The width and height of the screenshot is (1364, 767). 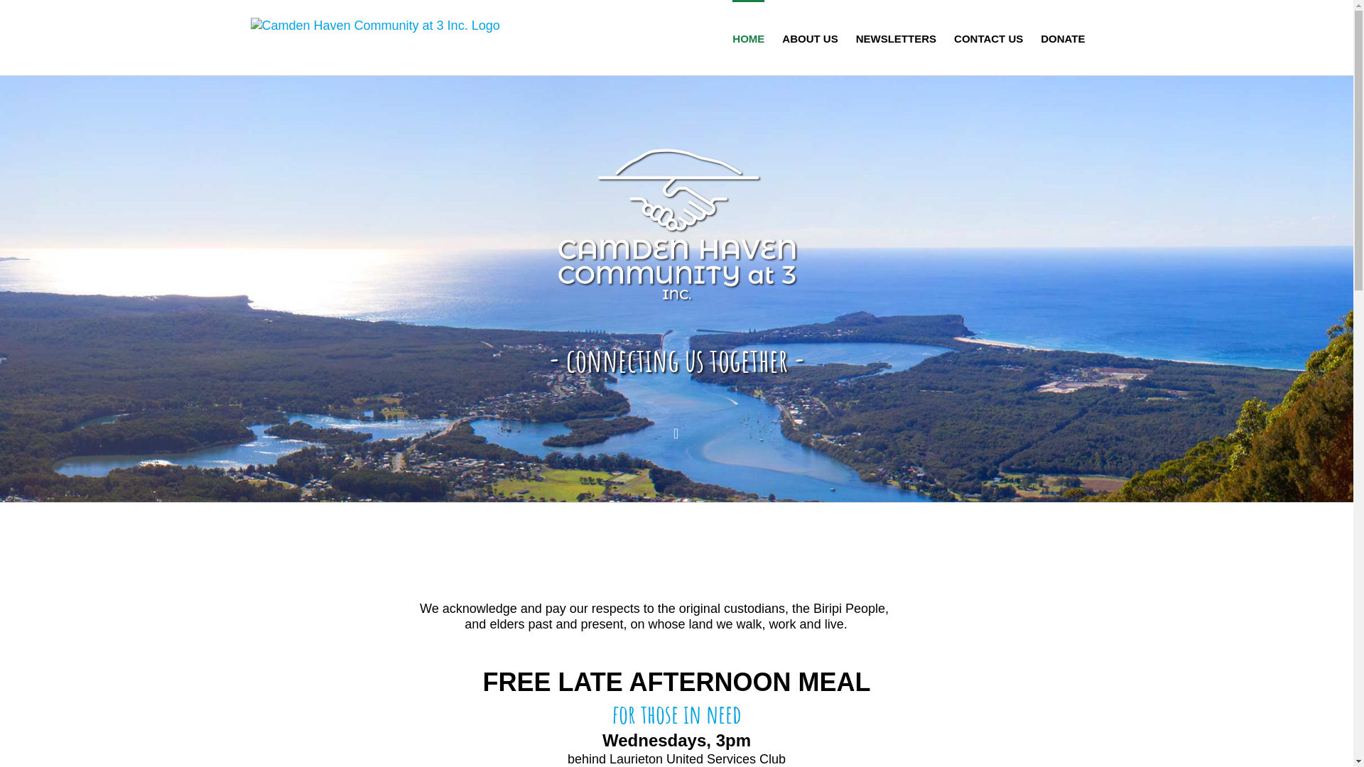 I want to click on 'DONATE', so click(x=1063, y=37).